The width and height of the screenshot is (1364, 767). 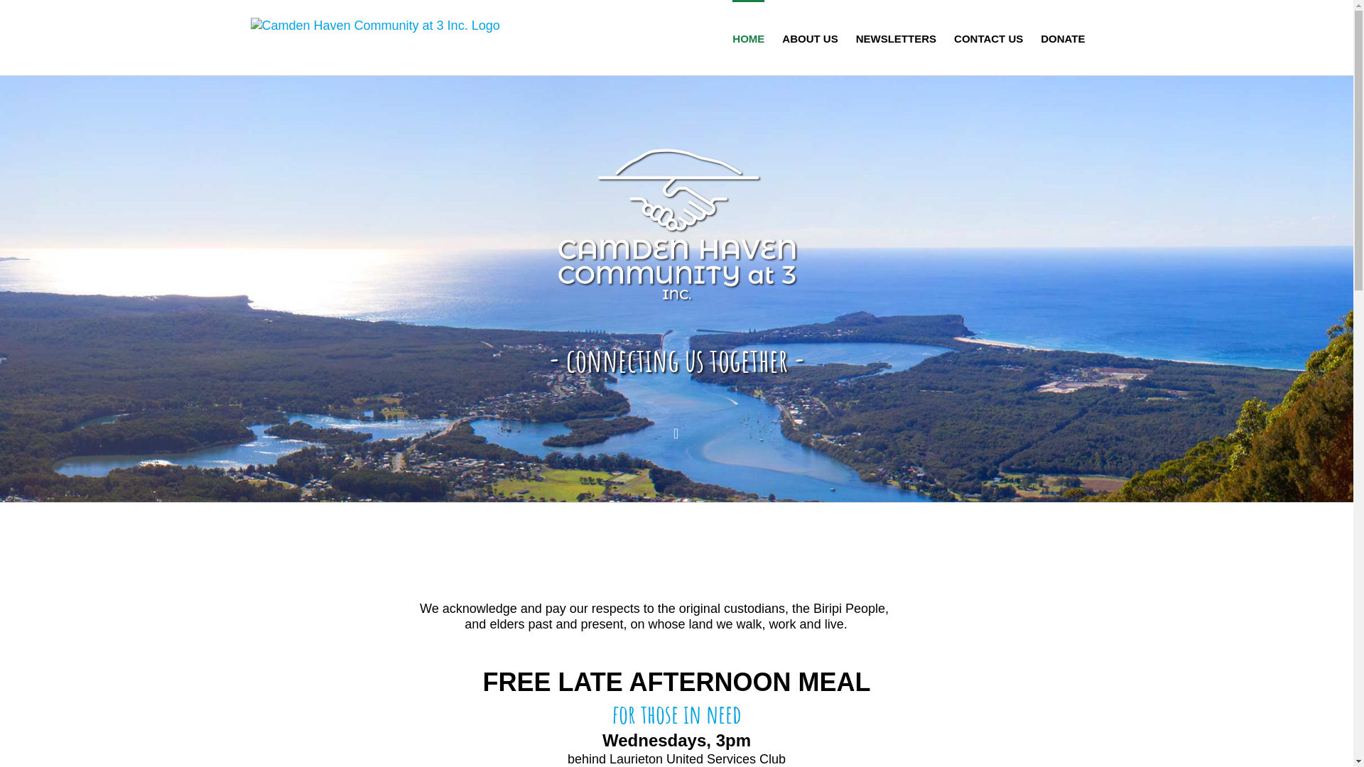 I want to click on 'DONATE', so click(x=1063, y=37).